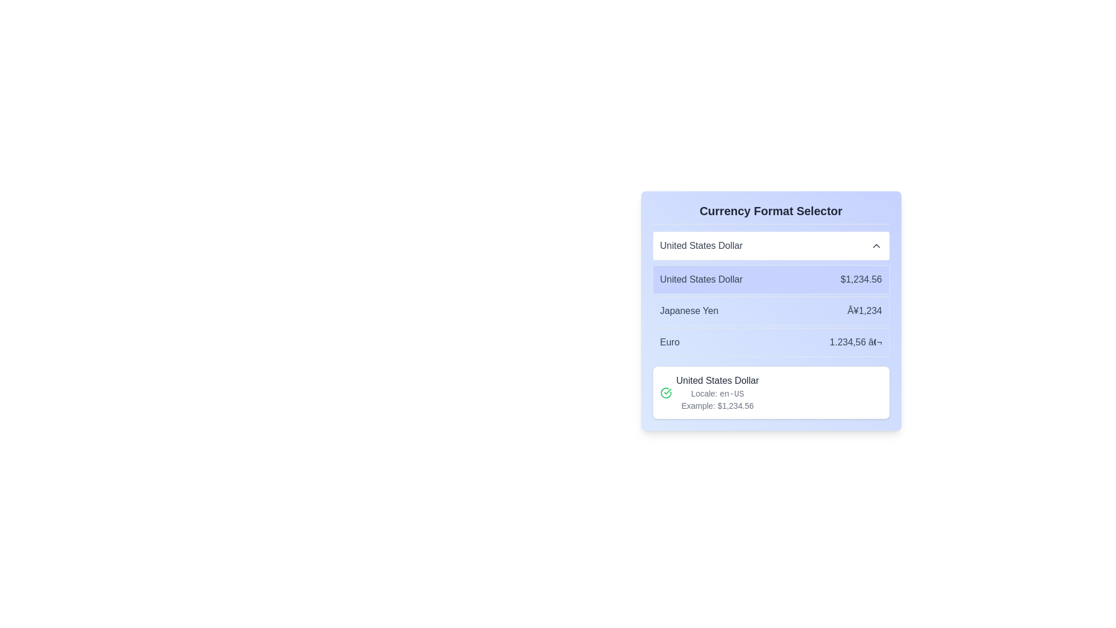 The height and width of the screenshot is (628, 1116). I want to click on the informational block that describes the 'United States Dollar' currency format, which includes its locale and example format, so click(771, 392).